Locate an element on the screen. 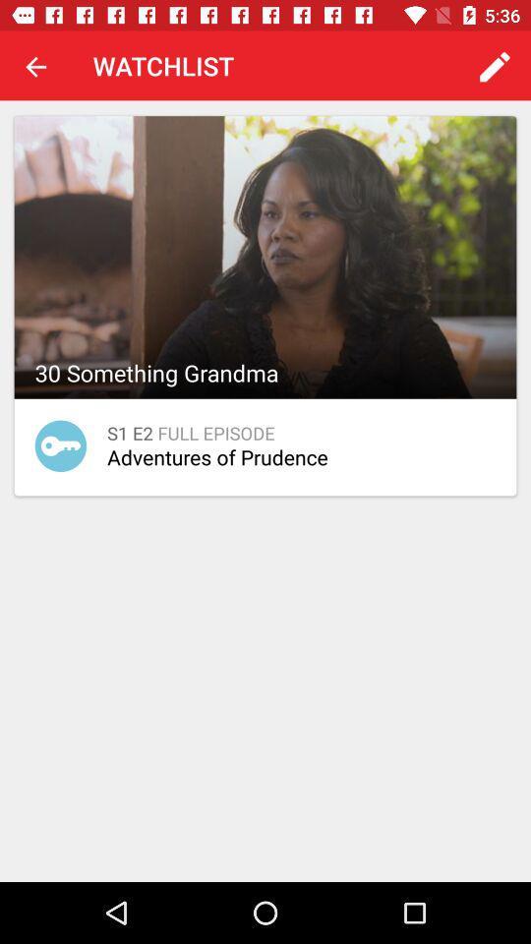  edit icon is located at coordinates (494, 66).